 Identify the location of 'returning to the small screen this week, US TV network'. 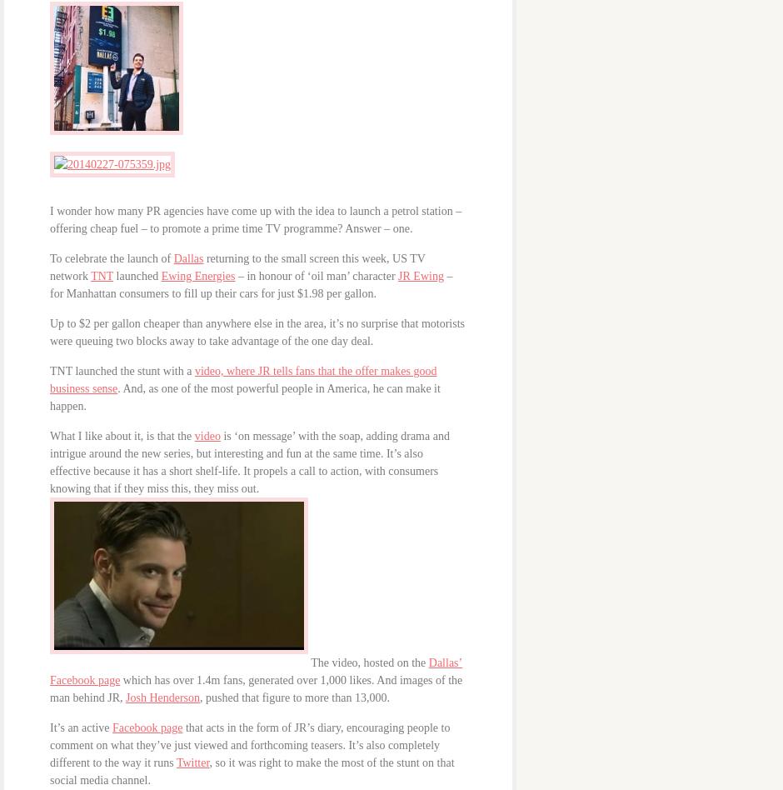
(237, 267).